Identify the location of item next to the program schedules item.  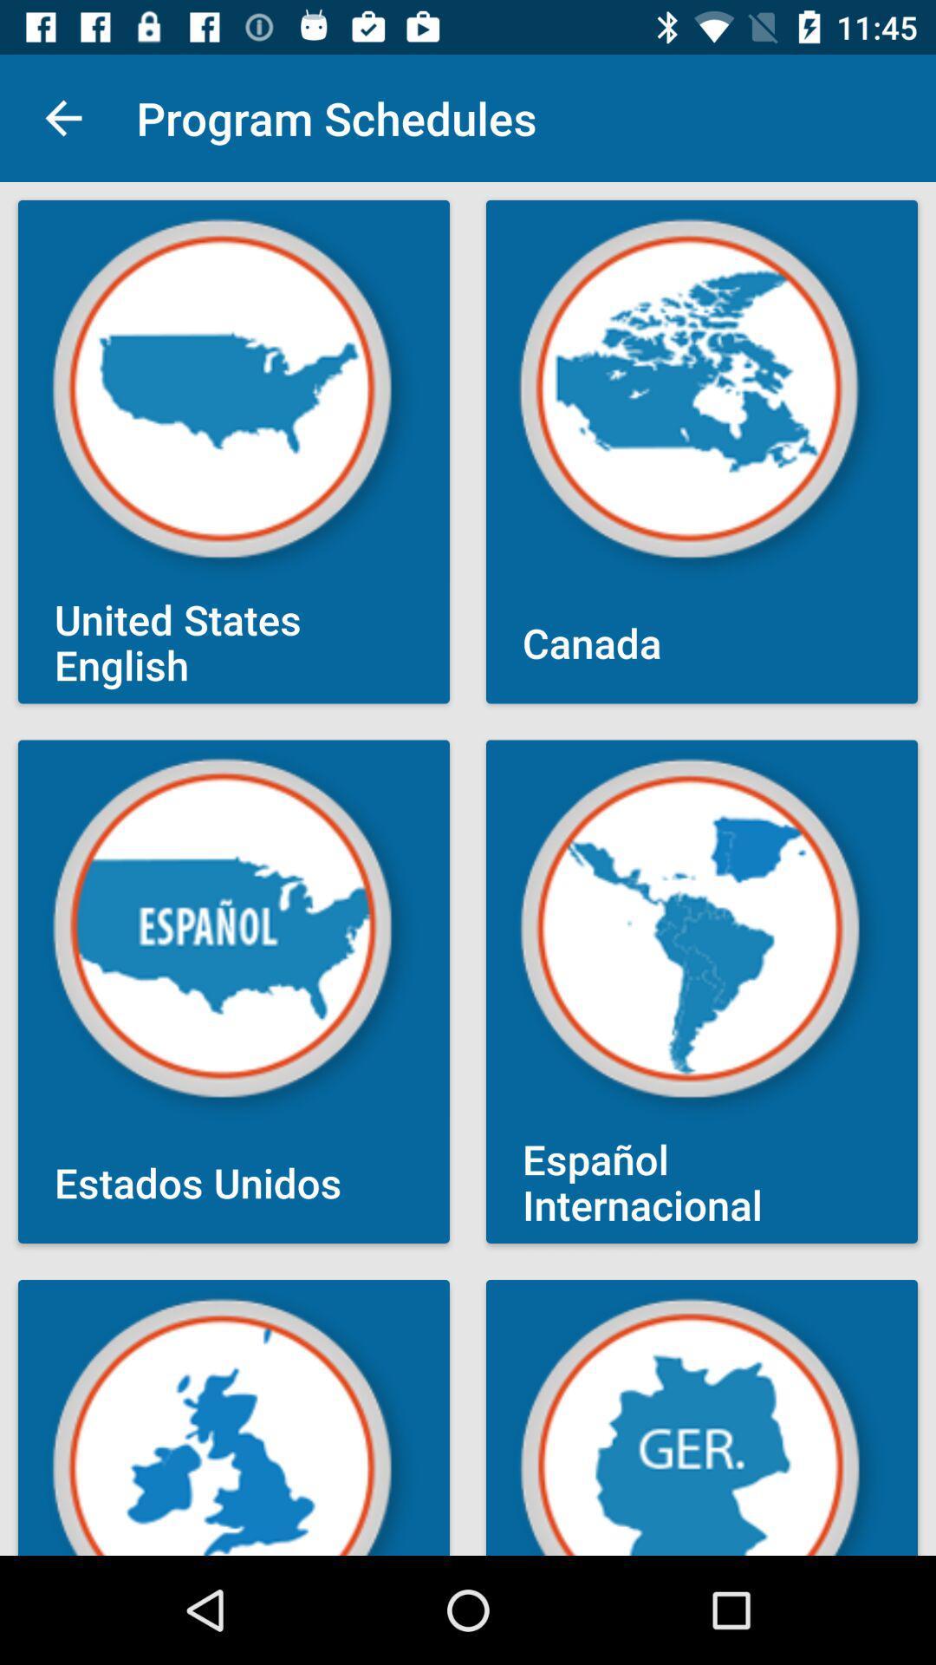
(62, 117).